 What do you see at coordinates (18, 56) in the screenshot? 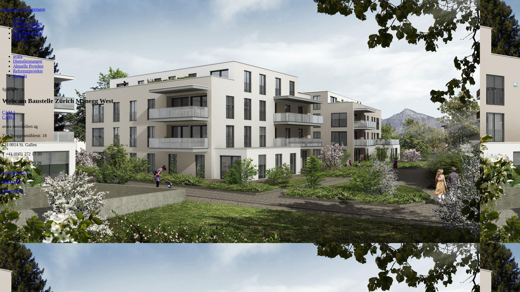
I see `'avara'` at bounding box center [18, 56].